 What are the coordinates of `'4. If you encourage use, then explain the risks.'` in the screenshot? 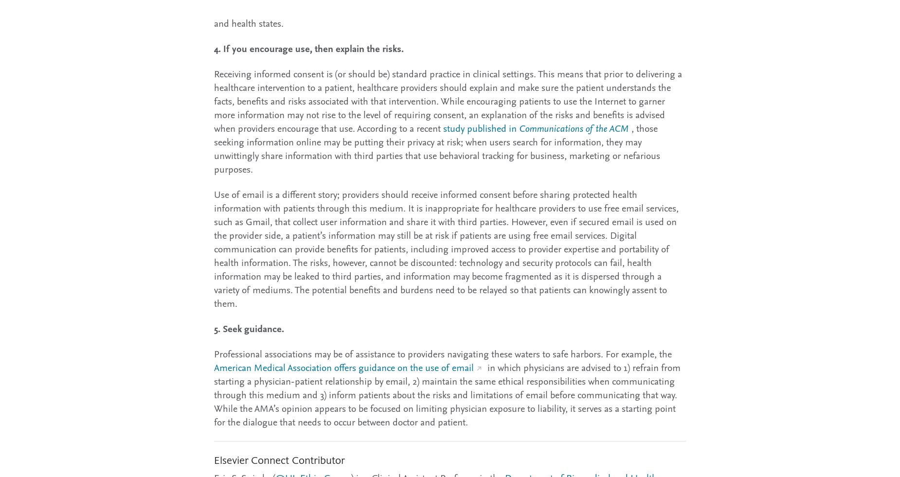 It's located at (308, 48).